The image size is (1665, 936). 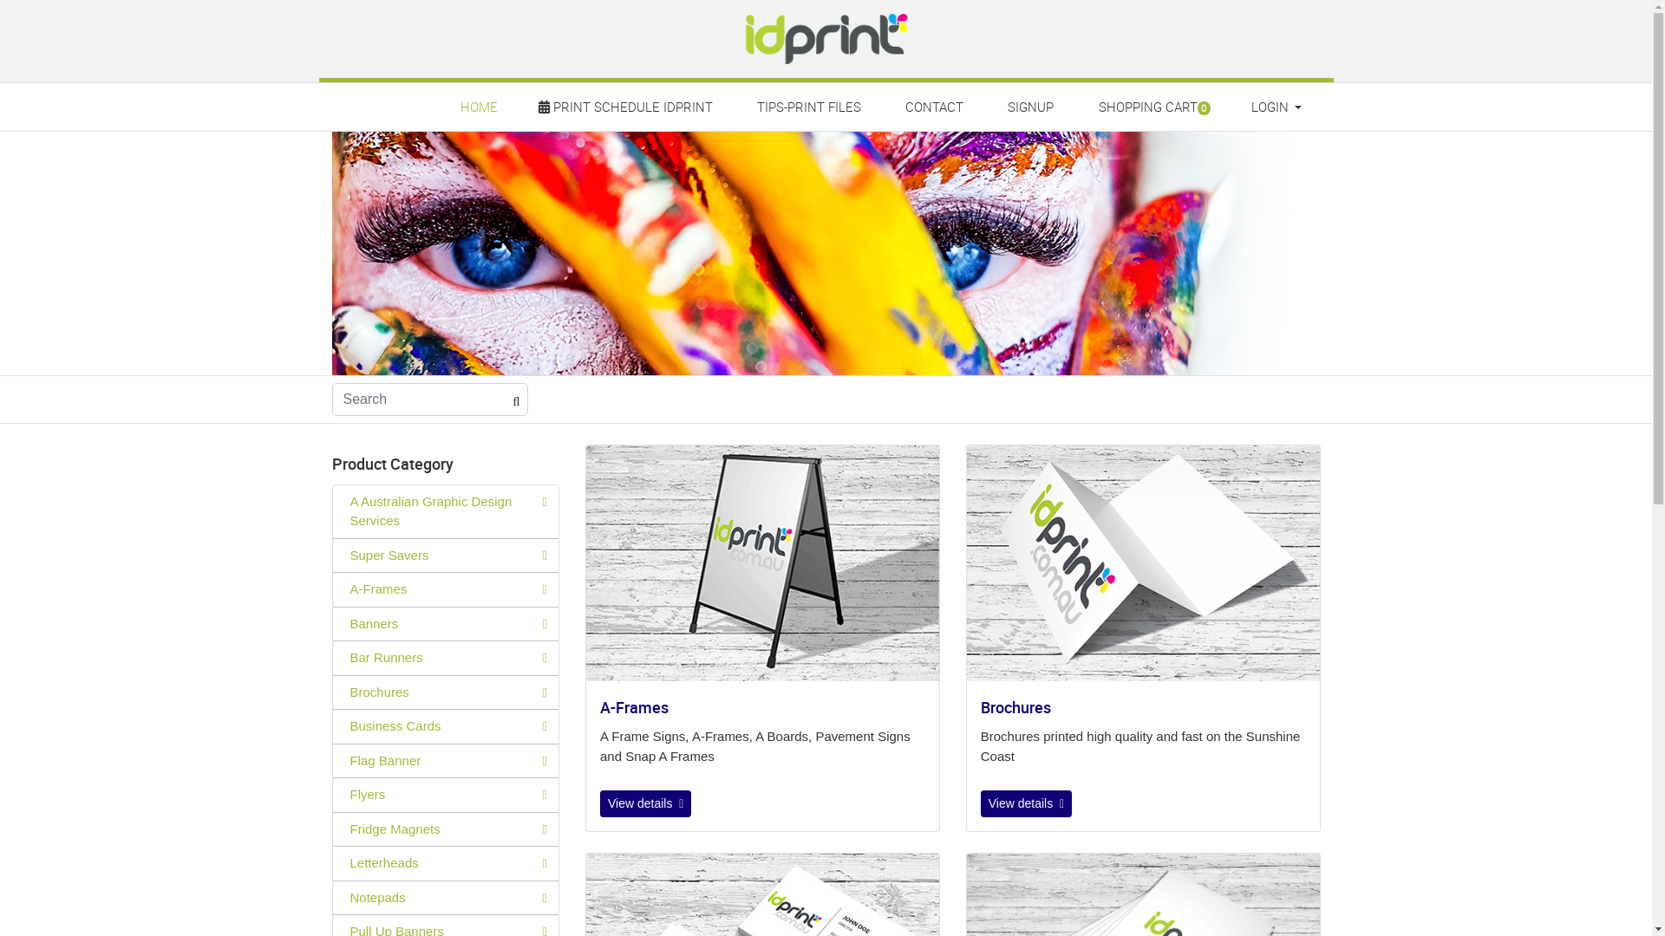 What do you see at coordinates (446, 897) in the screenshot?
I see `'Notepads'` at bounding box center [446, 897].